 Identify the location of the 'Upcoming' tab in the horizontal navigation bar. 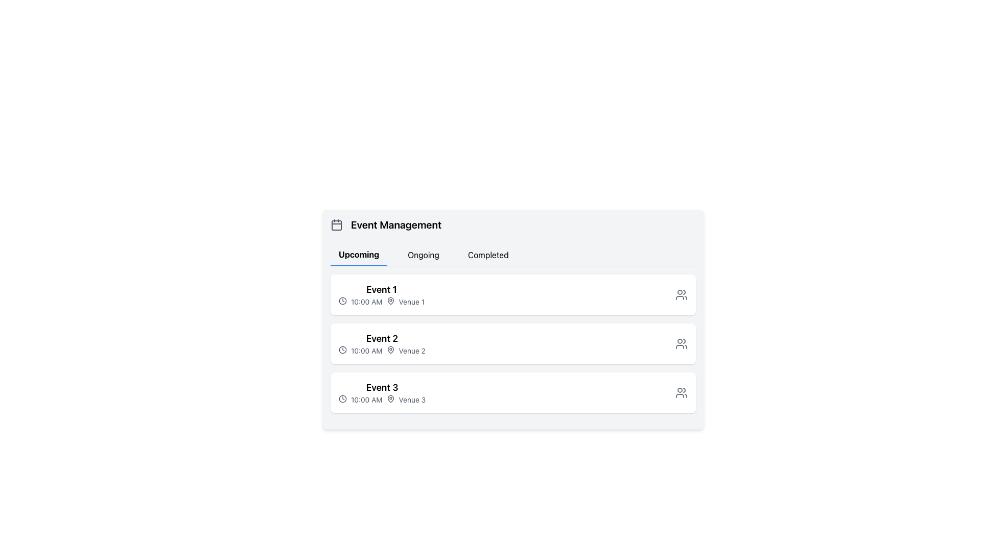
(359, 255).